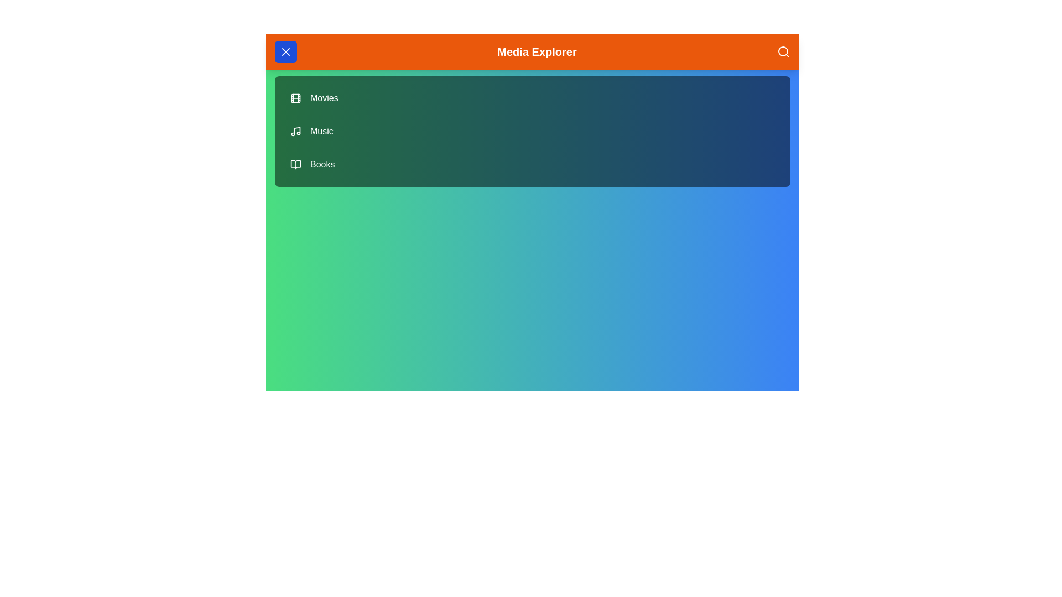 The height and width of the screenshot is (597, 1062). Describe the element at coordinates (783, 51) in the screenshot. I see `the search icon` at that location.